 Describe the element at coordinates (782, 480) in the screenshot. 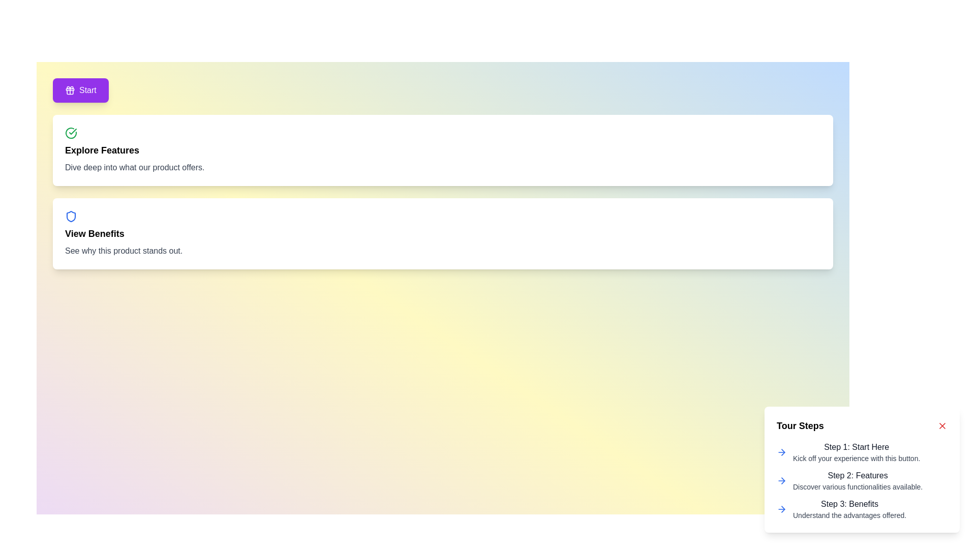

I see `the second arrow icon in the right-hand popup labeled 'Tour Steps'` at that location.